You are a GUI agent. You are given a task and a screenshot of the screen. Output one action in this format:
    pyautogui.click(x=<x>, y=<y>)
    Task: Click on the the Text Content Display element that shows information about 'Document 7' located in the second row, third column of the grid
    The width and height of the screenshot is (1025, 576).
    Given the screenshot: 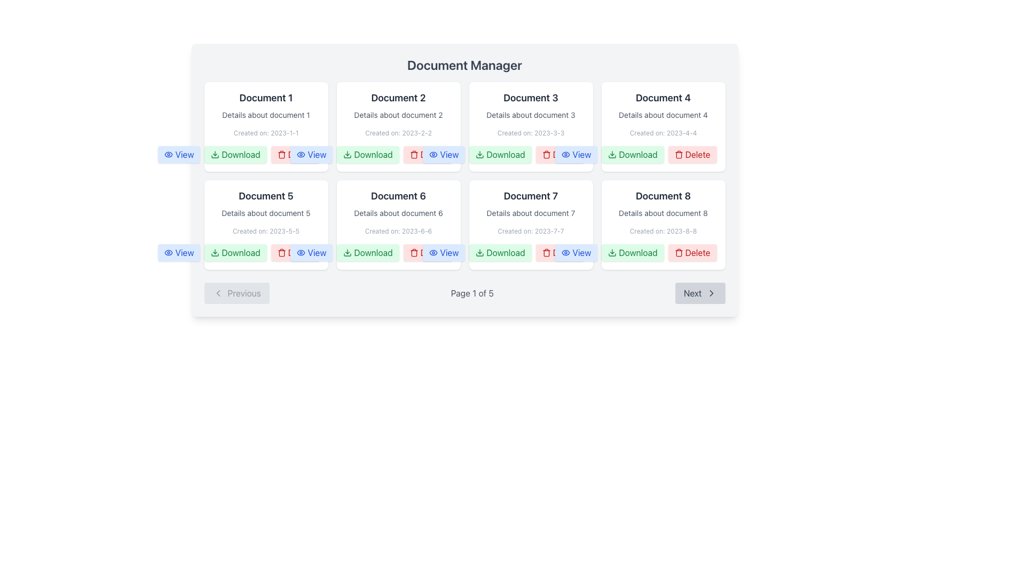 What is the action you would take?
    pyautogui.click(x=531, y=212)
    